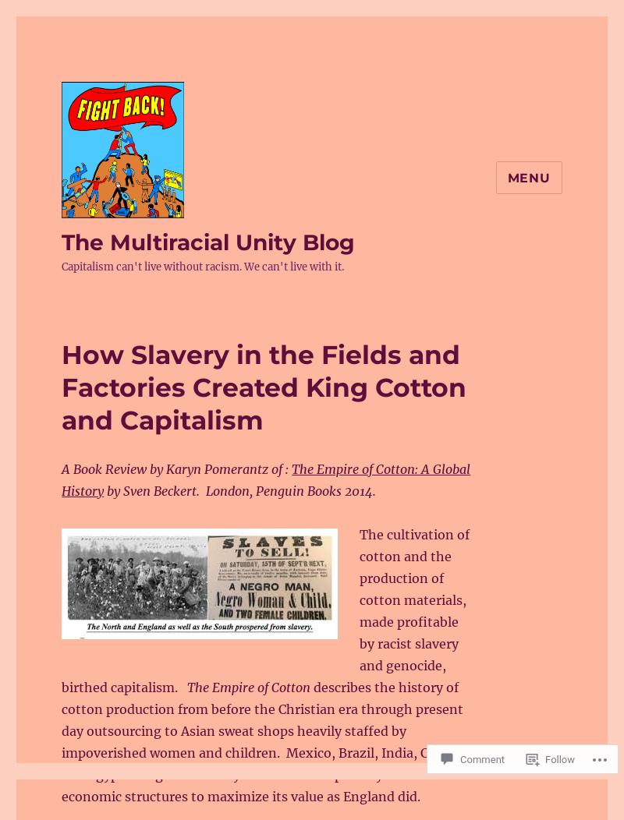 This screenshot has width=624, height=820. What do you see at coordinates (207, 241) in the screenshot?
I see `'The Multiracial Unity Blog'` at bounding box center [207, 241].